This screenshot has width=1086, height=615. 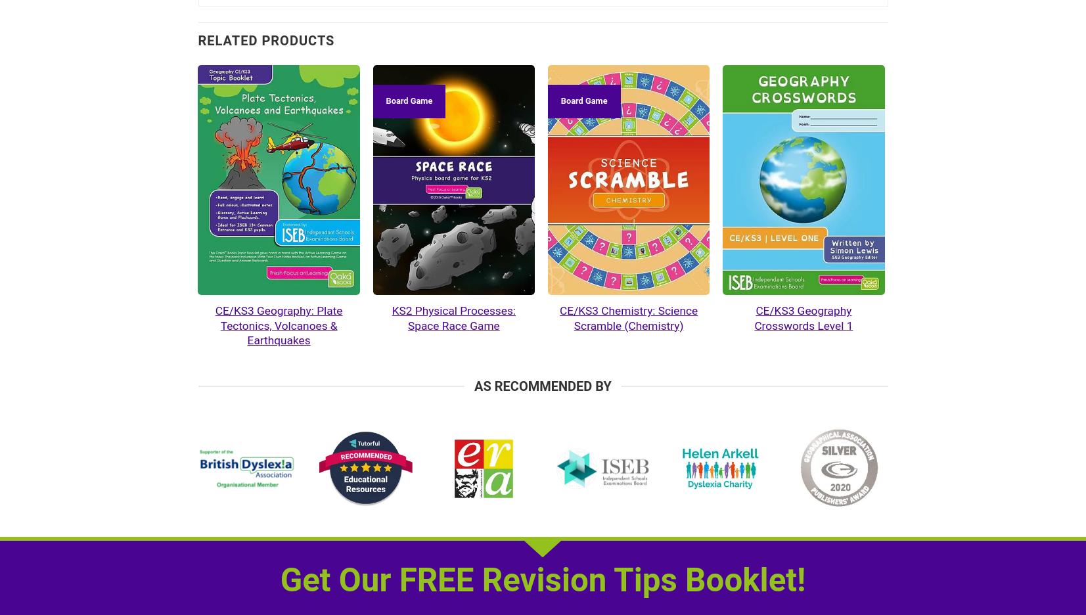 What do you see at coordinates (197, 40) in the screenshot?
I see `'Related products'` at bounding box center [197, 40].